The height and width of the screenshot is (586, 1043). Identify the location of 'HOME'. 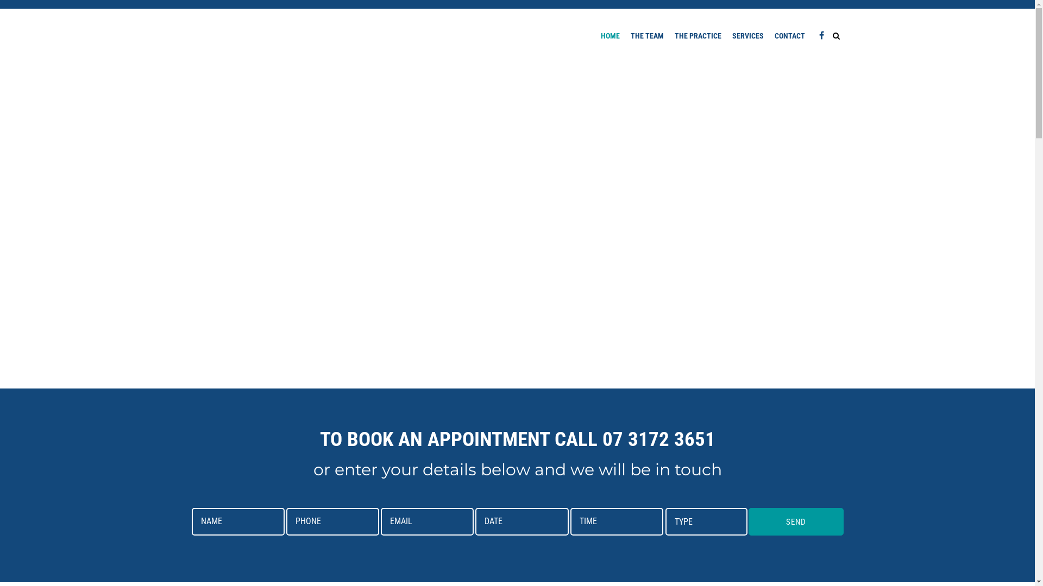
(610, 35).